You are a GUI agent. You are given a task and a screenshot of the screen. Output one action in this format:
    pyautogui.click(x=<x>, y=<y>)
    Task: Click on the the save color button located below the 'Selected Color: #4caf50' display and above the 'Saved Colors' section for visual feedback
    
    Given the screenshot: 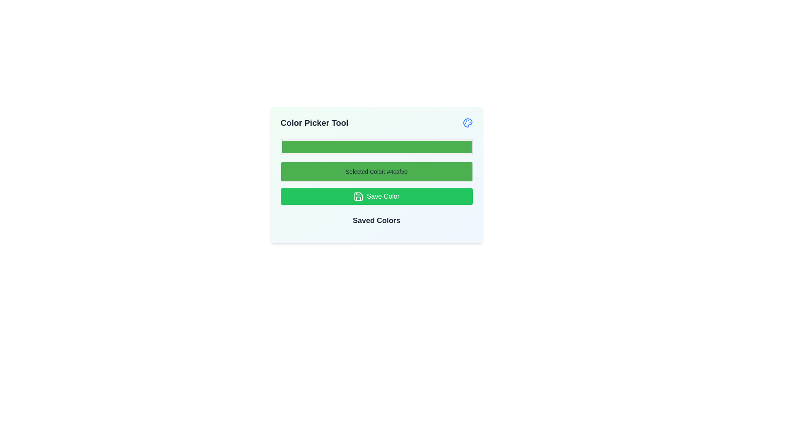 What is the action you would take?
    pyautogui.click(x=376, y=196)
    